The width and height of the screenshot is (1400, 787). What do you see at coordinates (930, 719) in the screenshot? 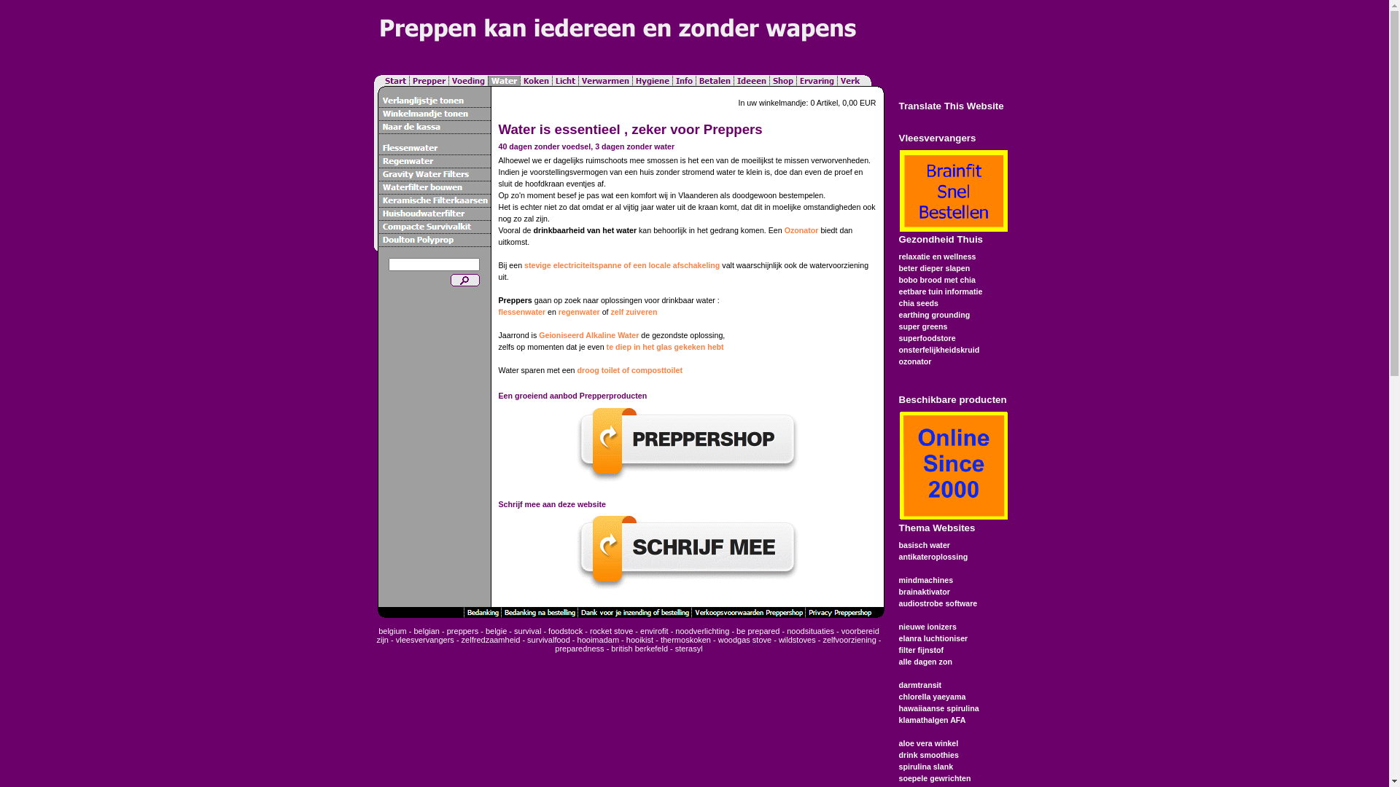
I see `'klamathalgen AFA'` at bounding box center [930, 719].